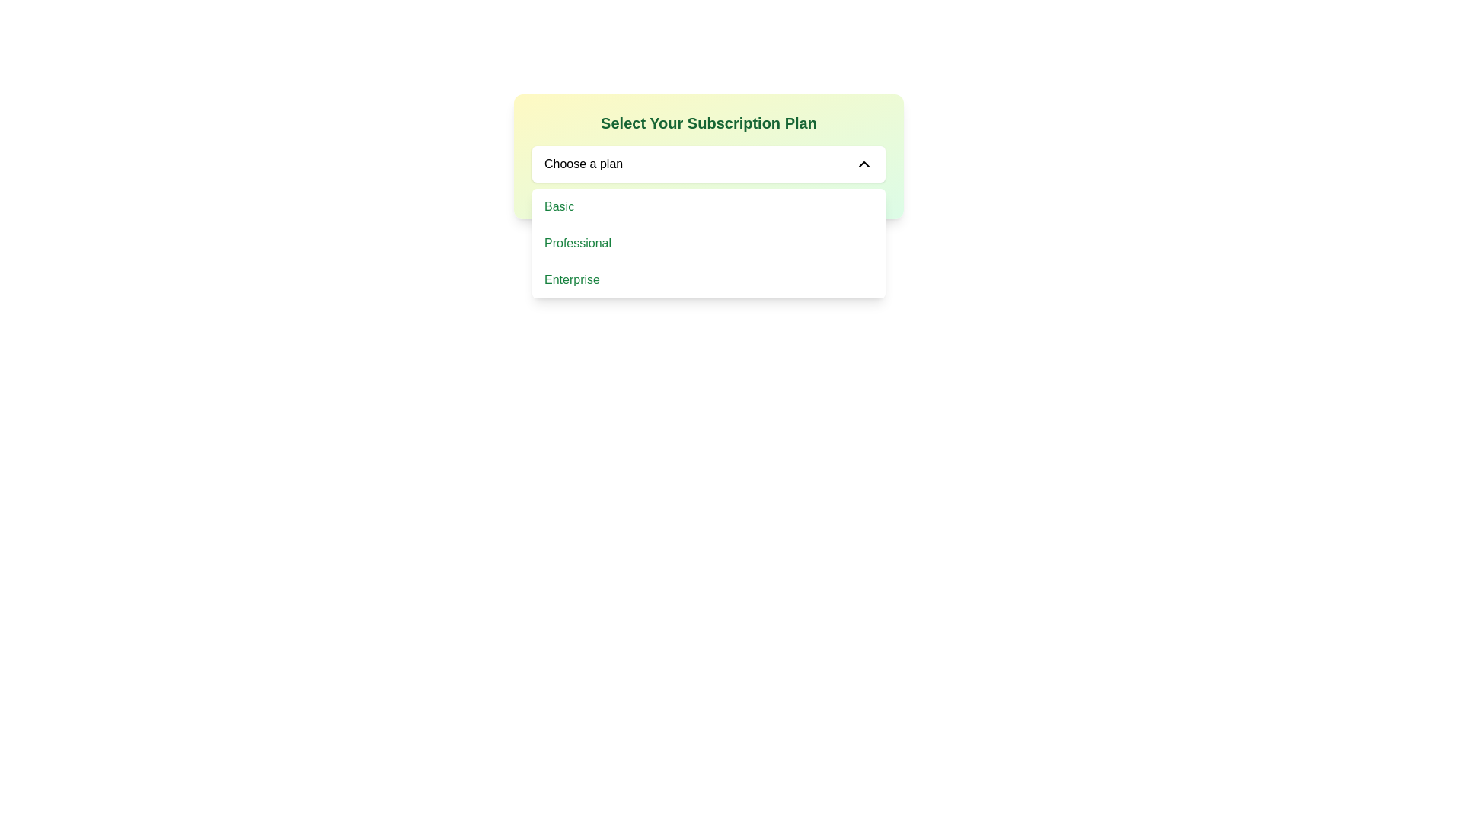 The height and width of the screenshot is (822, 1462). Describe the element at coordinates (576, 243) in the screenshot. I see `the 'Professional' text label within the 'Choose a plan' dropdown menu` at that location.